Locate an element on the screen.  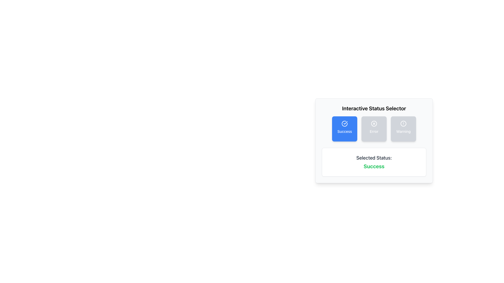
the checkmark icon within the blue circular background in the 'Success' section is located at coordinates (345, 123).